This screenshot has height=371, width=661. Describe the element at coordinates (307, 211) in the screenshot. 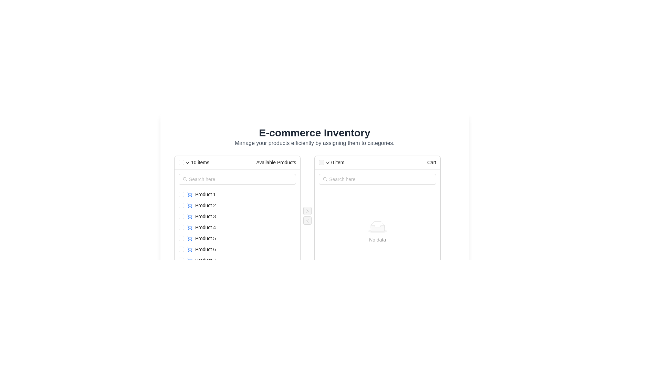

I see `the rightwards arrow icon, which is a minimalist vector graphic positioned centrally between the 'Available Products' and 'Cart' sections, to move an item rightwards` at that location.